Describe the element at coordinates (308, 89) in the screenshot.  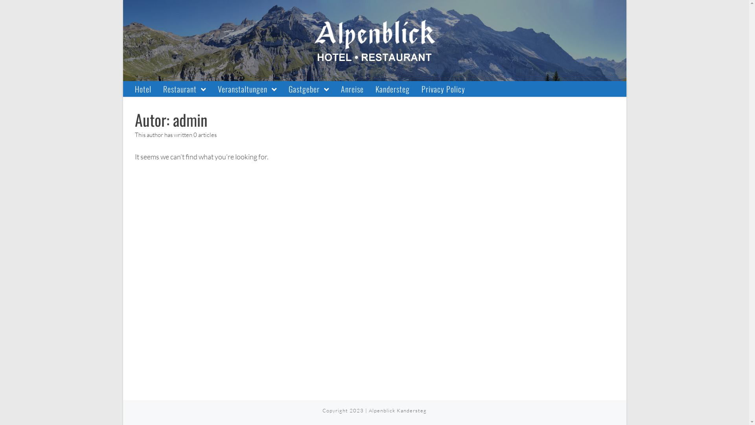
I see `'Gastgeber'` at that location.